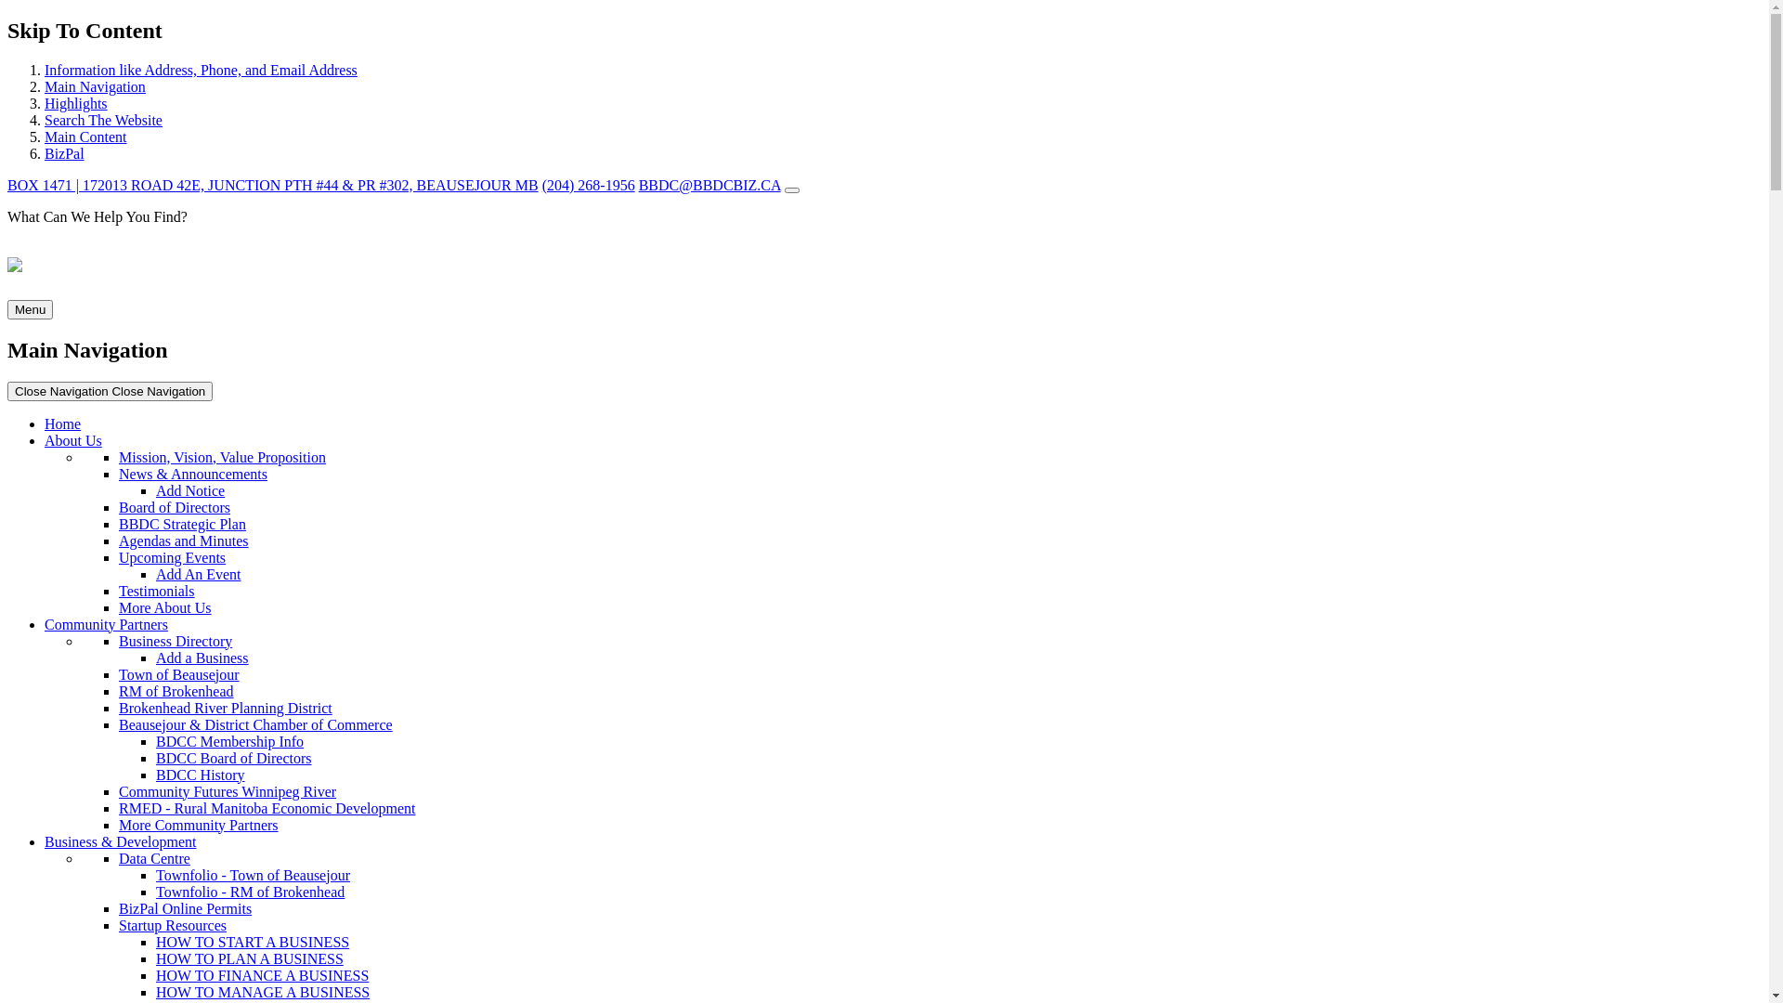 This screenshot has height=1003, width=1783. I want to click on 'Add Notice', so click(156, 489).